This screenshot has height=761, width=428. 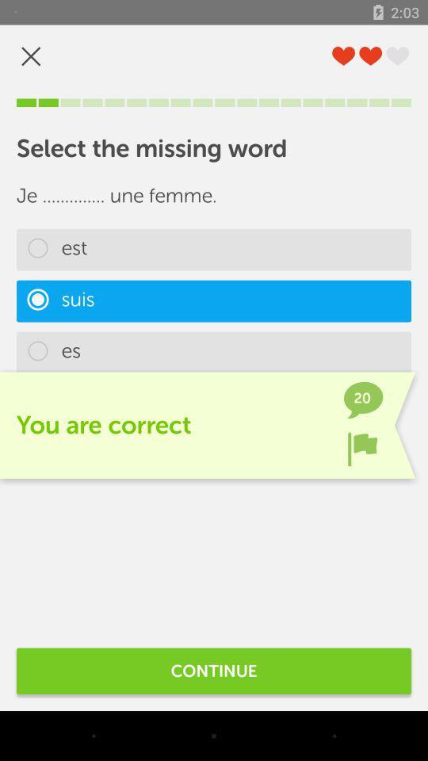 I want to click on exit current screen, so click(x=31, y=56).